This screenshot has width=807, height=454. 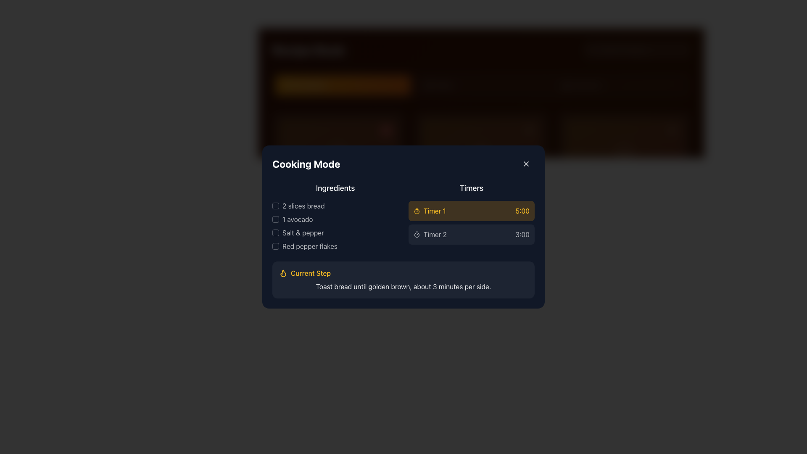 I want to click on the first star icon from the left in the 'Timers' section, which is styled with a golden amber color and indicates an active state, so click(x=504, y=199).